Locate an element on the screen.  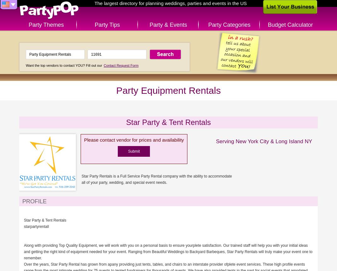
'Party Equipment Rentals' is located at coordinates (116, 90).